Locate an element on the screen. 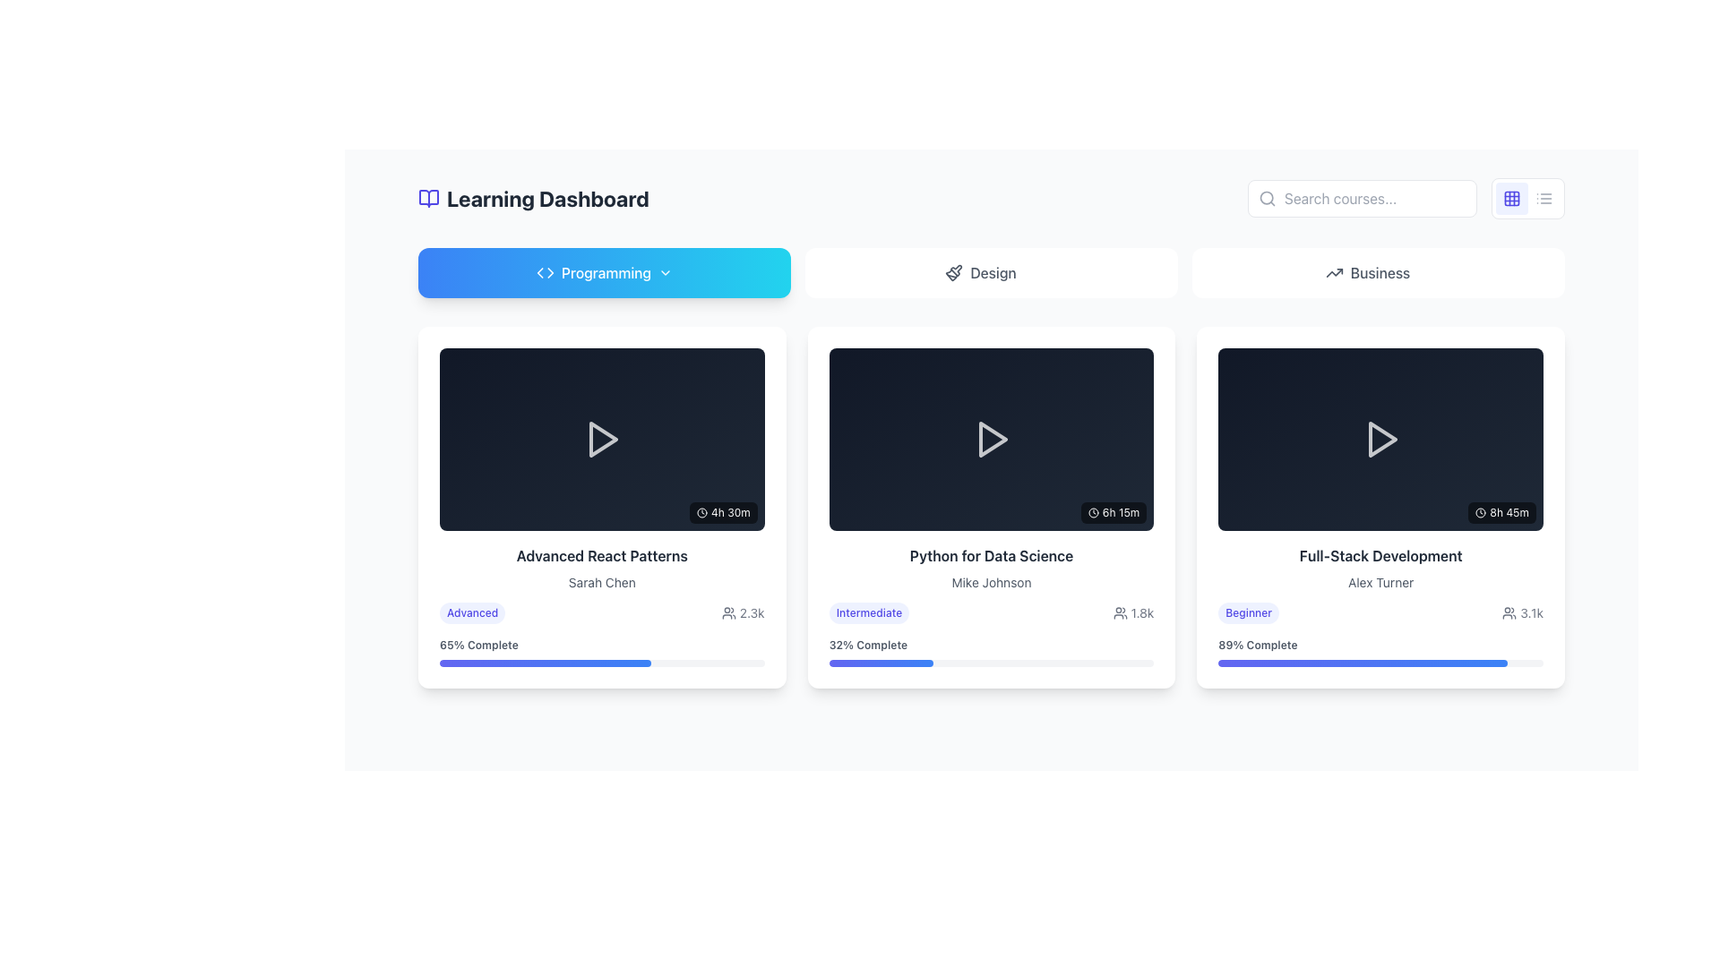 The height and width of the screenshot is (967, 1720). the icon button located at the top-right corner of the interface is located at coordinates (1511, 199).